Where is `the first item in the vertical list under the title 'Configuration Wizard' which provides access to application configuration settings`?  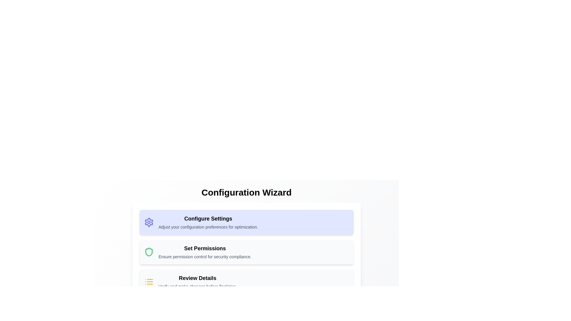 the first item in the vertical list under the title 'Configuration Wizard' which provides access to application configuration settings is located at coordinates (247, 222).